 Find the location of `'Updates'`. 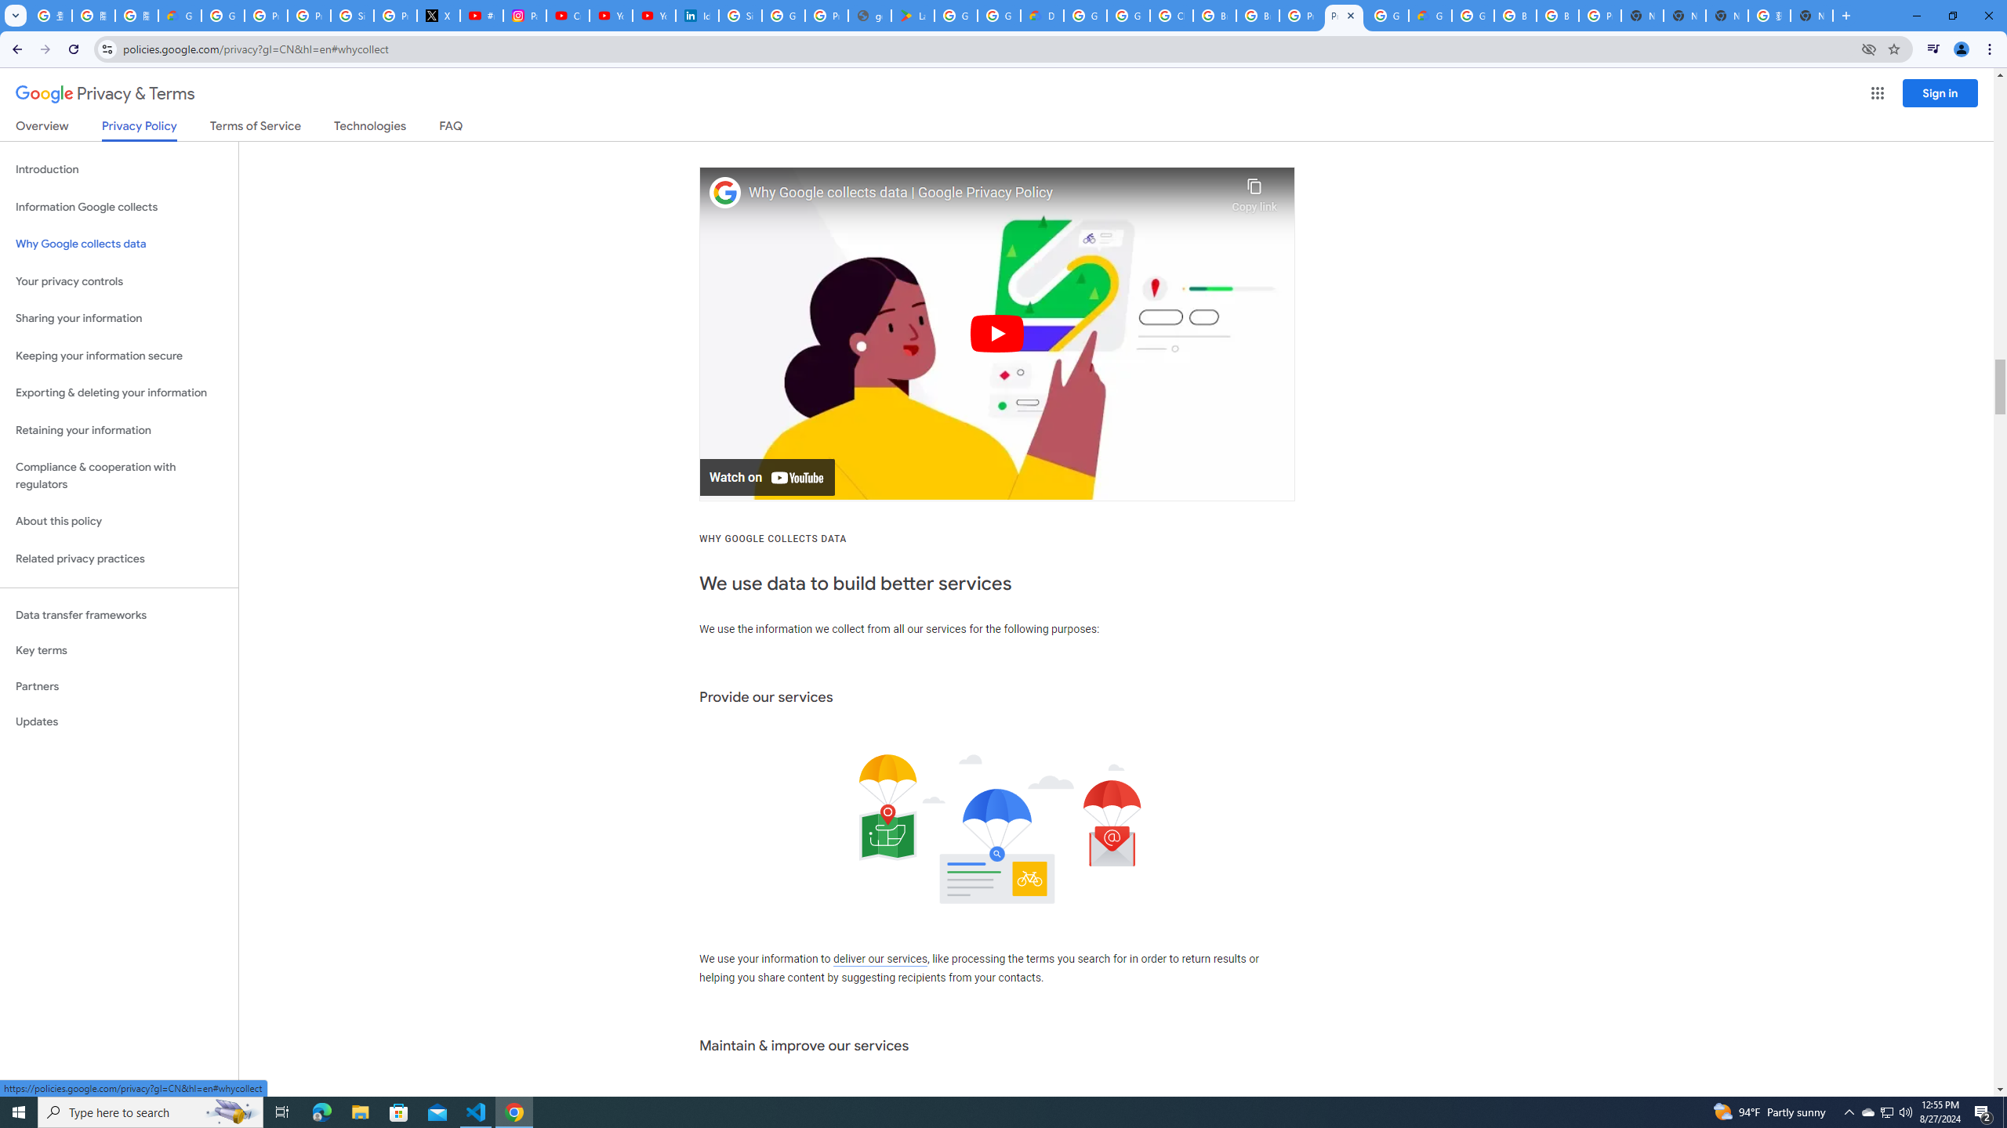

'Updates' is located at coordinates (118, 721).